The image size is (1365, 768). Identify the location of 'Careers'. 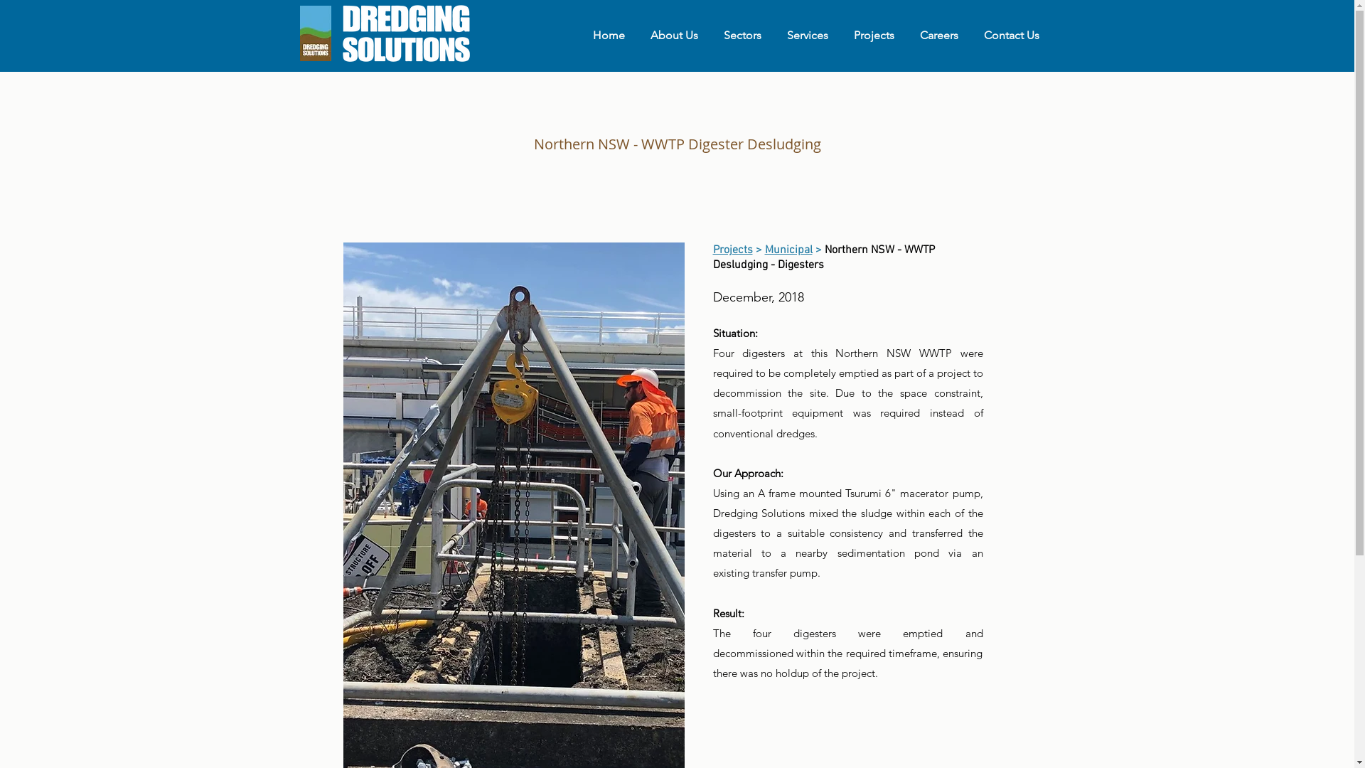
(945, 35).